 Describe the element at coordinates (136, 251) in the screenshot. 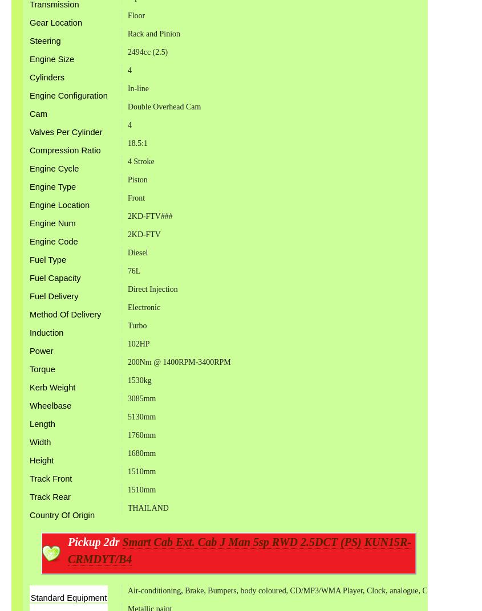

I see `'Diesel'` at that location.